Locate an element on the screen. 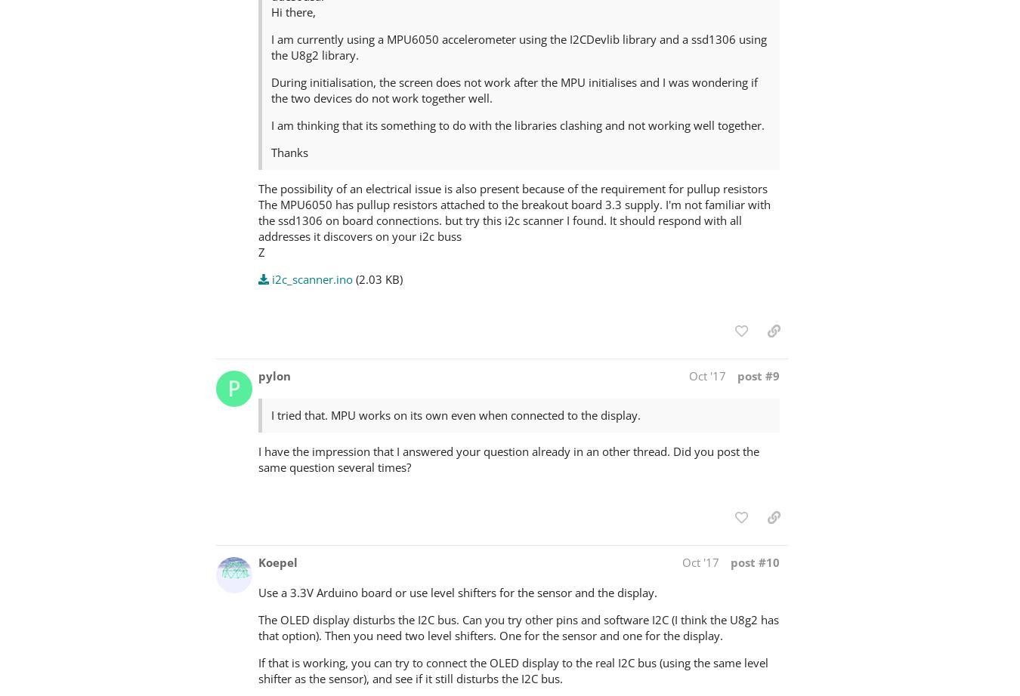 The image size is (1020, 696). 'I have the impression that I answered your question already in an other thread. Did you post the same question several times?' is located at coordinates (508, 458).